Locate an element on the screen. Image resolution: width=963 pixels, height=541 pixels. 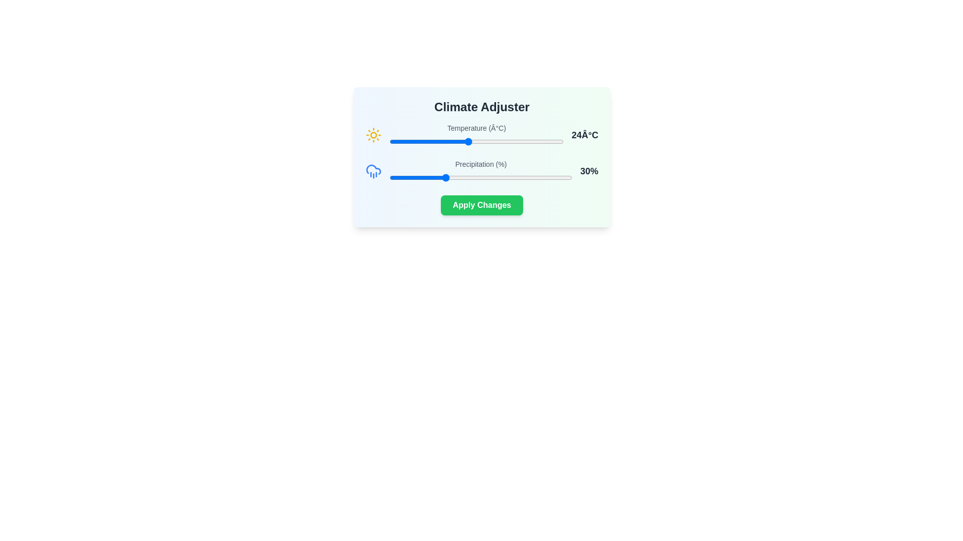
'Apply Changes' button to confirm the settings is located at coordinates (481, 204).